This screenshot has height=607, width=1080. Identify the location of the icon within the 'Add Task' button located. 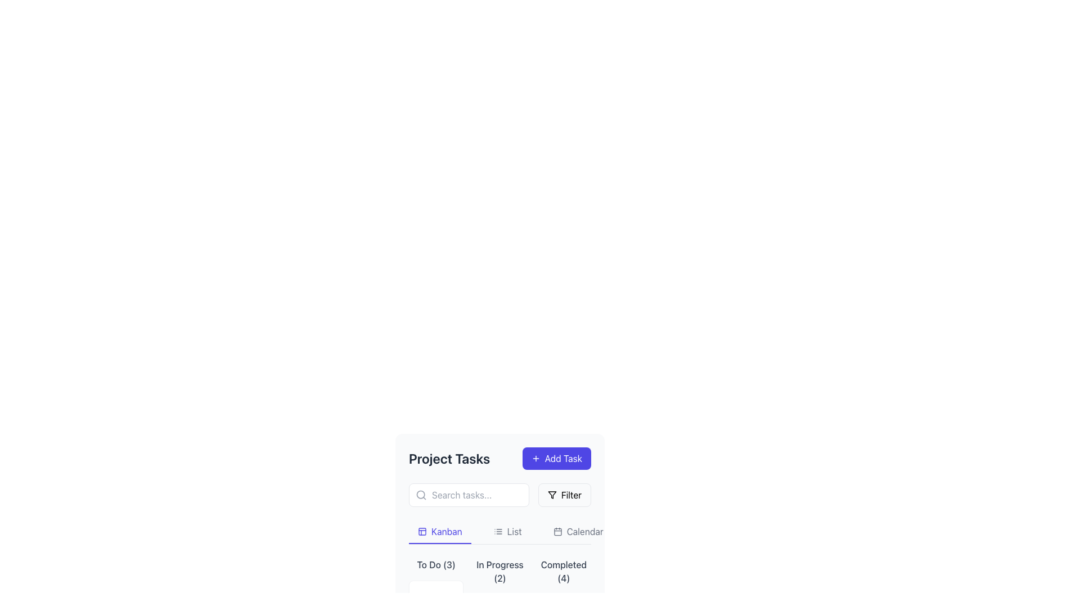
(535, 459).